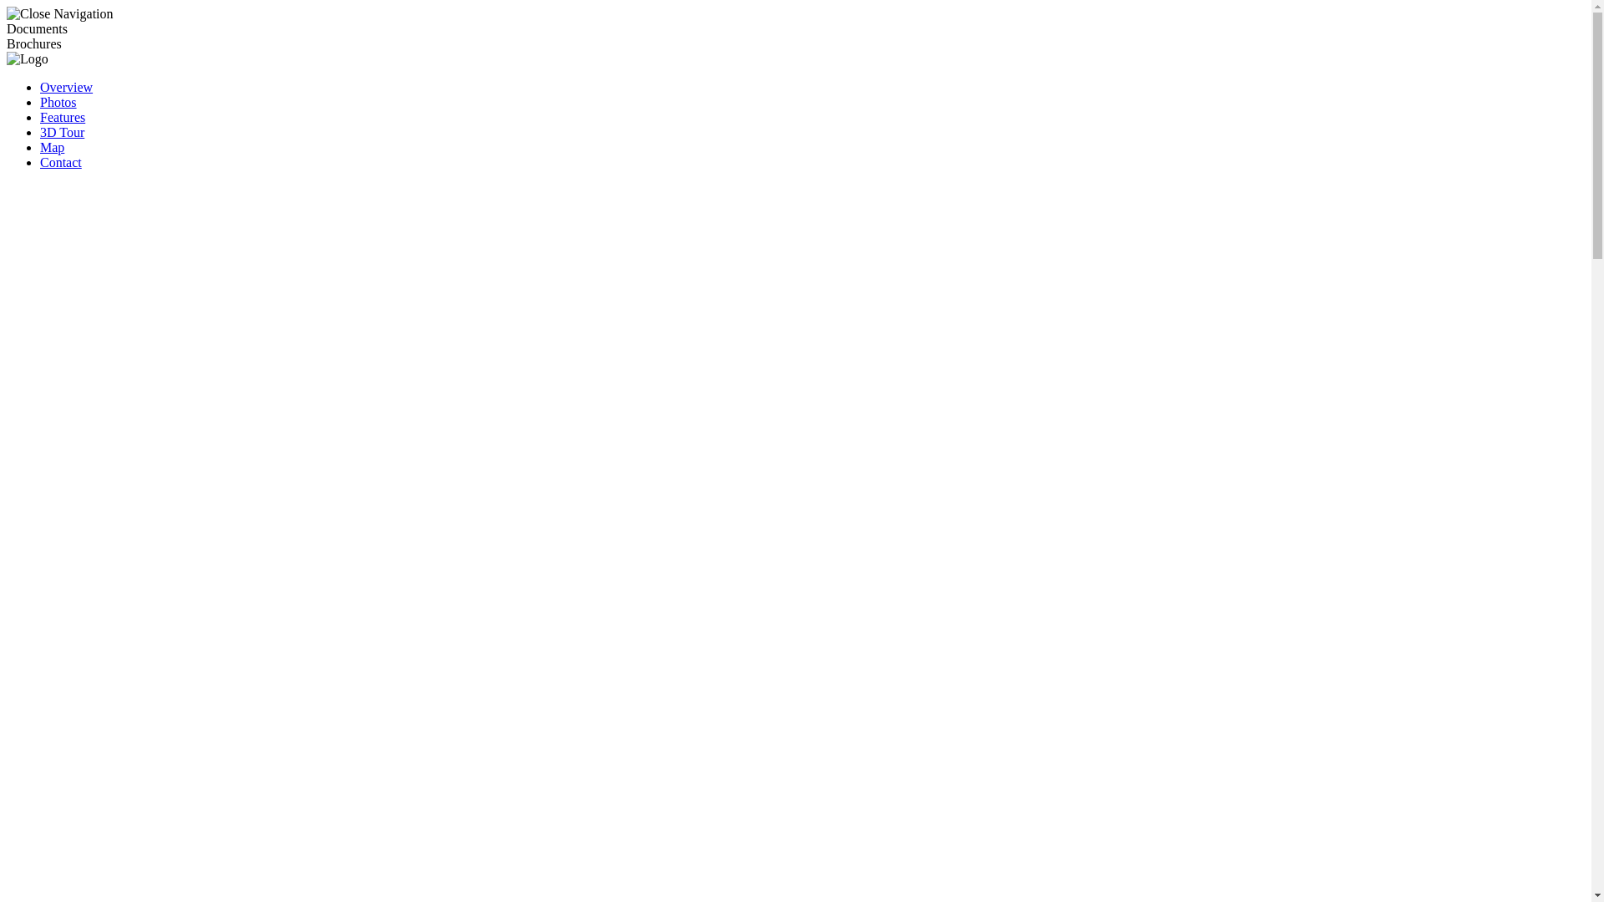 The height and width of the screenshot is (902, 1604). What do you see at coordinates (52, 146) in the screenshot?
I see `'Map'` at bounding box center [52, 146].